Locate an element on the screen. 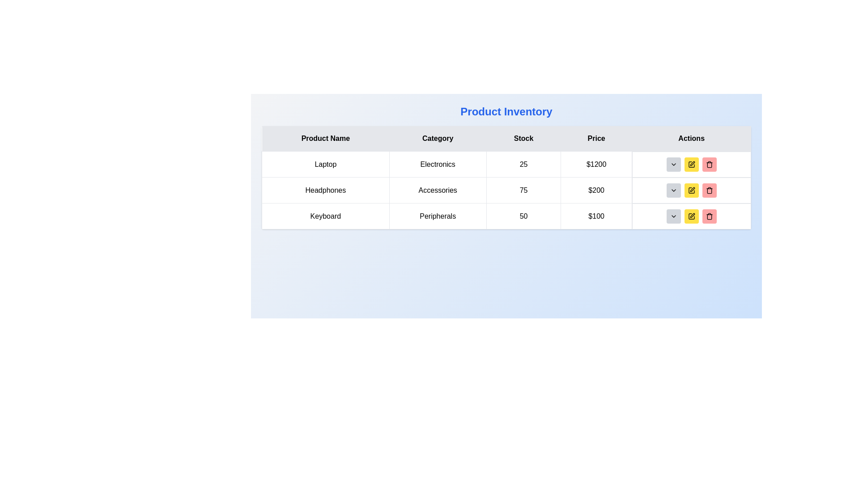 The width and height of the screenshot is (859, 483). the edit action icon with a yellow background and pen in the Actions column of the third row for the Keyboard product is located at coordinates (691, 216).